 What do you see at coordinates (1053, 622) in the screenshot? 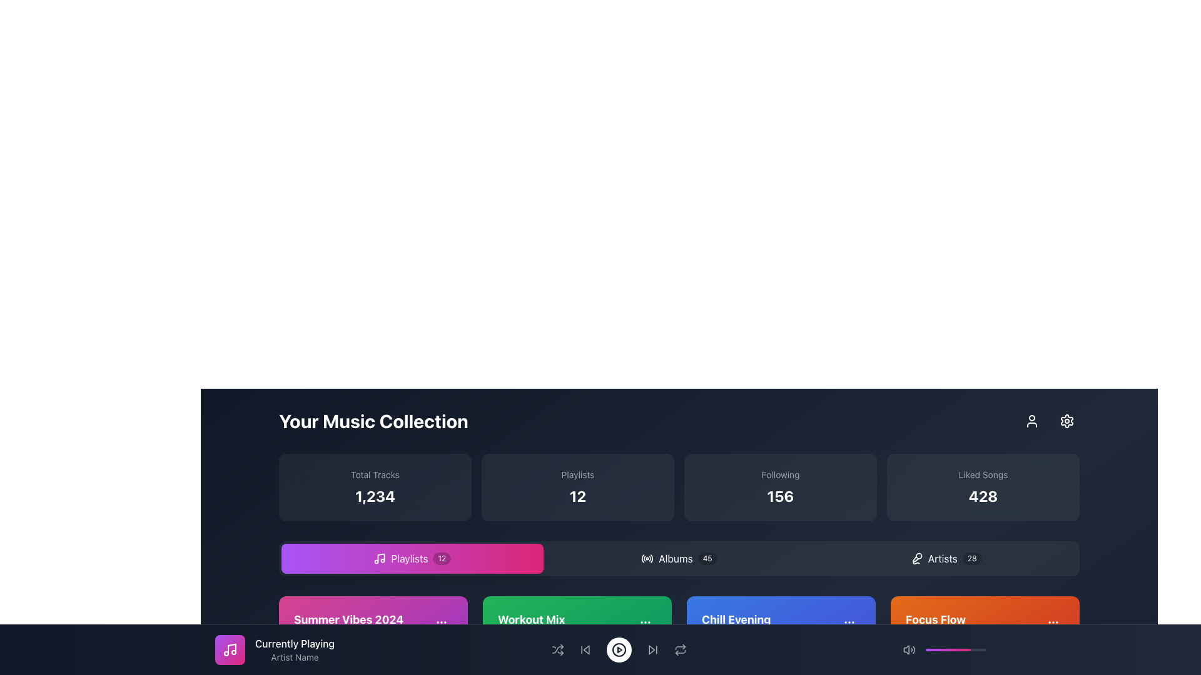
I see `the central dot of the ellipsis icon, which is part of a menu control system` at bounding box center [1053, 622].